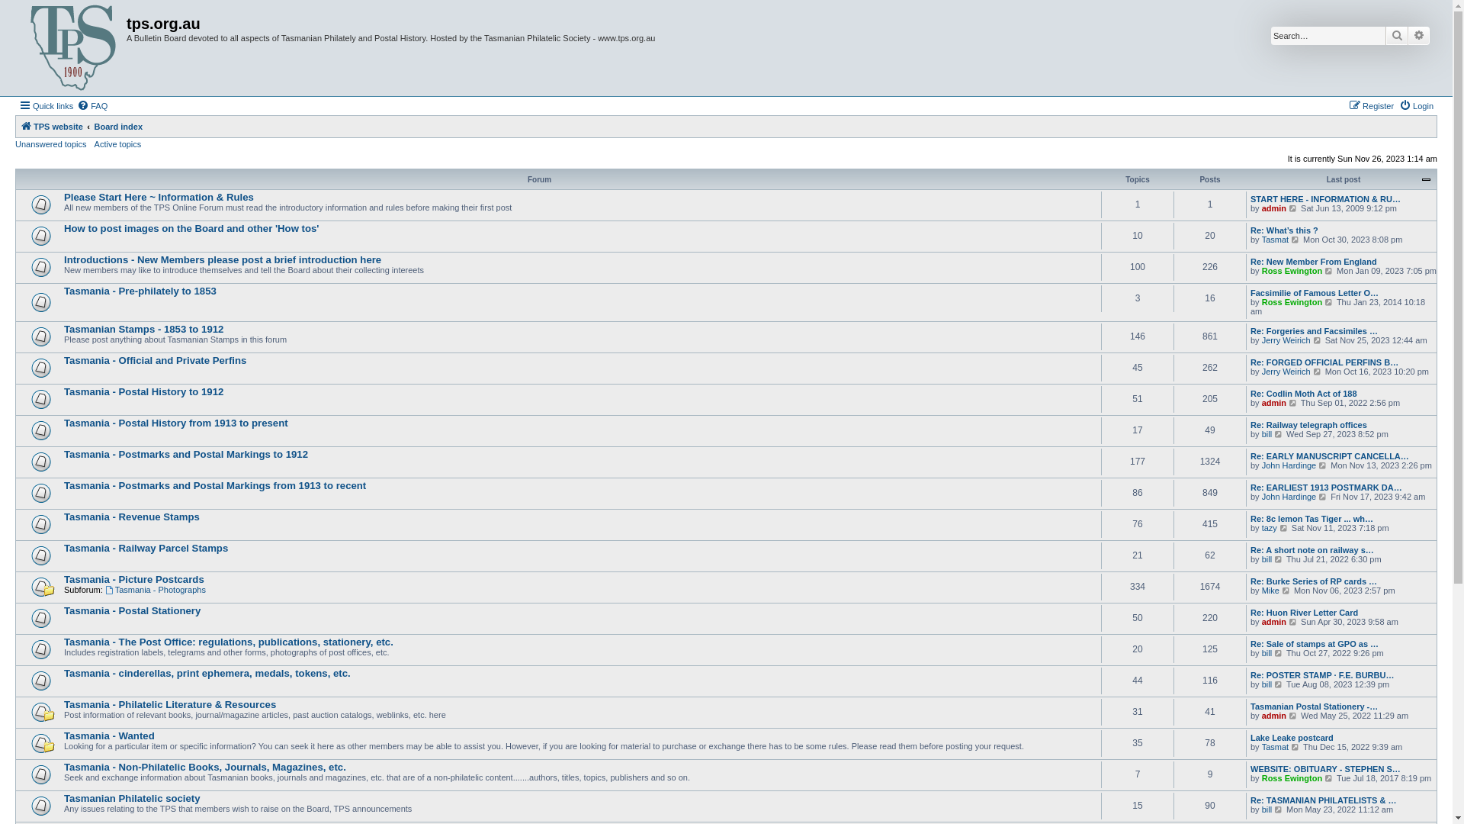  Describe the element at coordinates (1273, 208) in the screenshot. I see `'admin'` at that location.